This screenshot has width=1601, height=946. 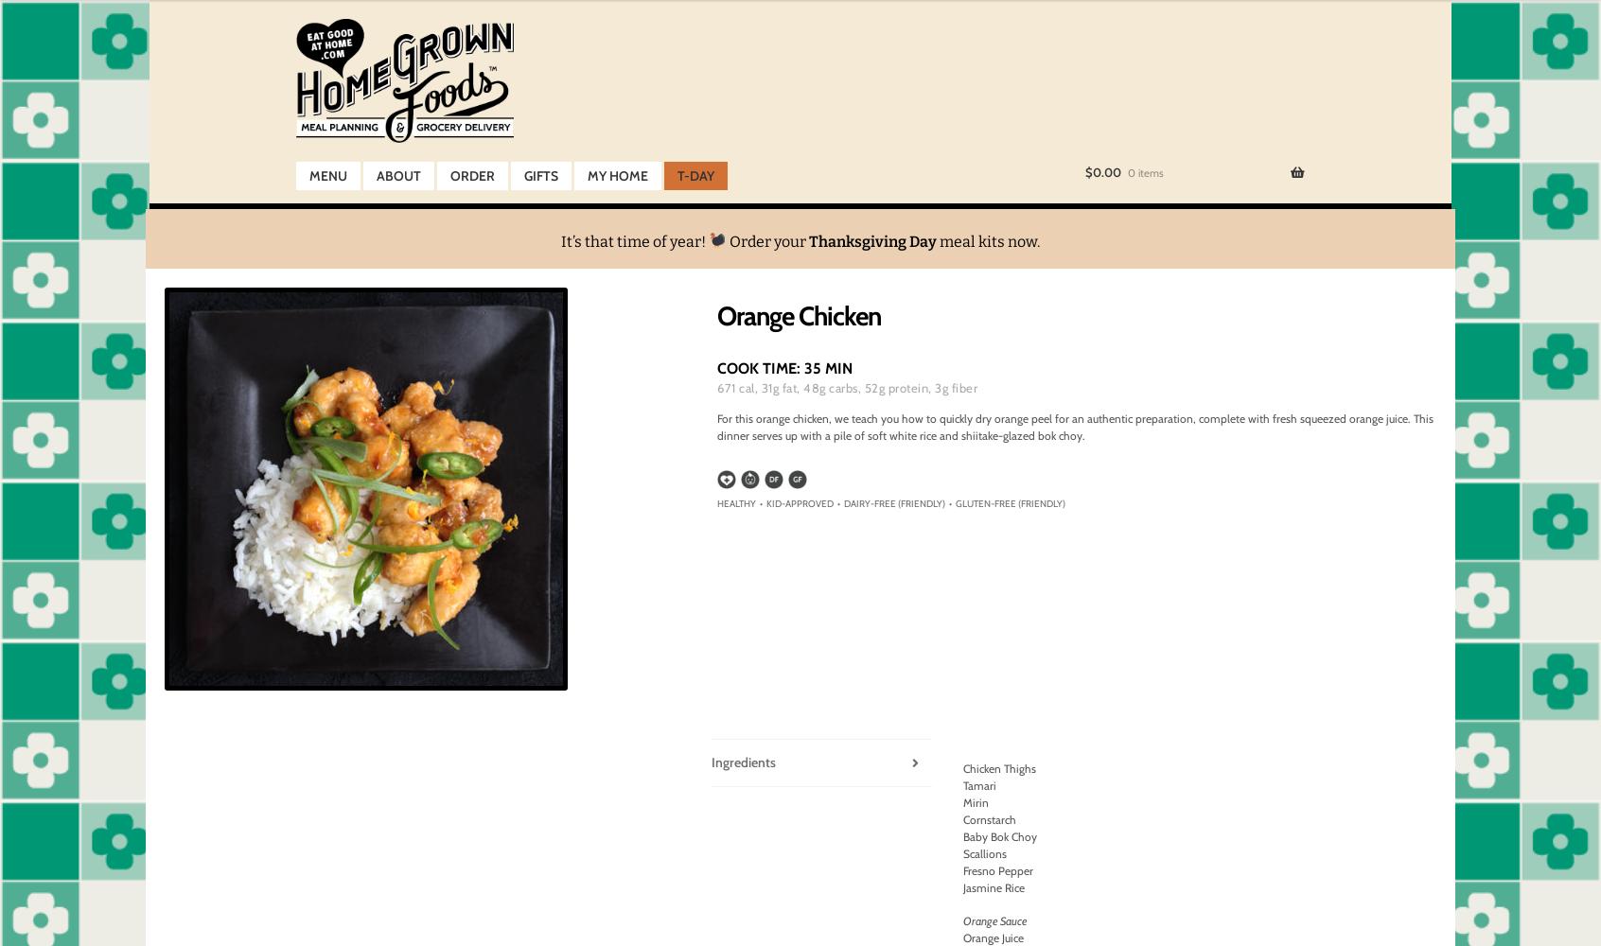 I want to click on 'It’s that time of year!', so click(x=635, y=240).